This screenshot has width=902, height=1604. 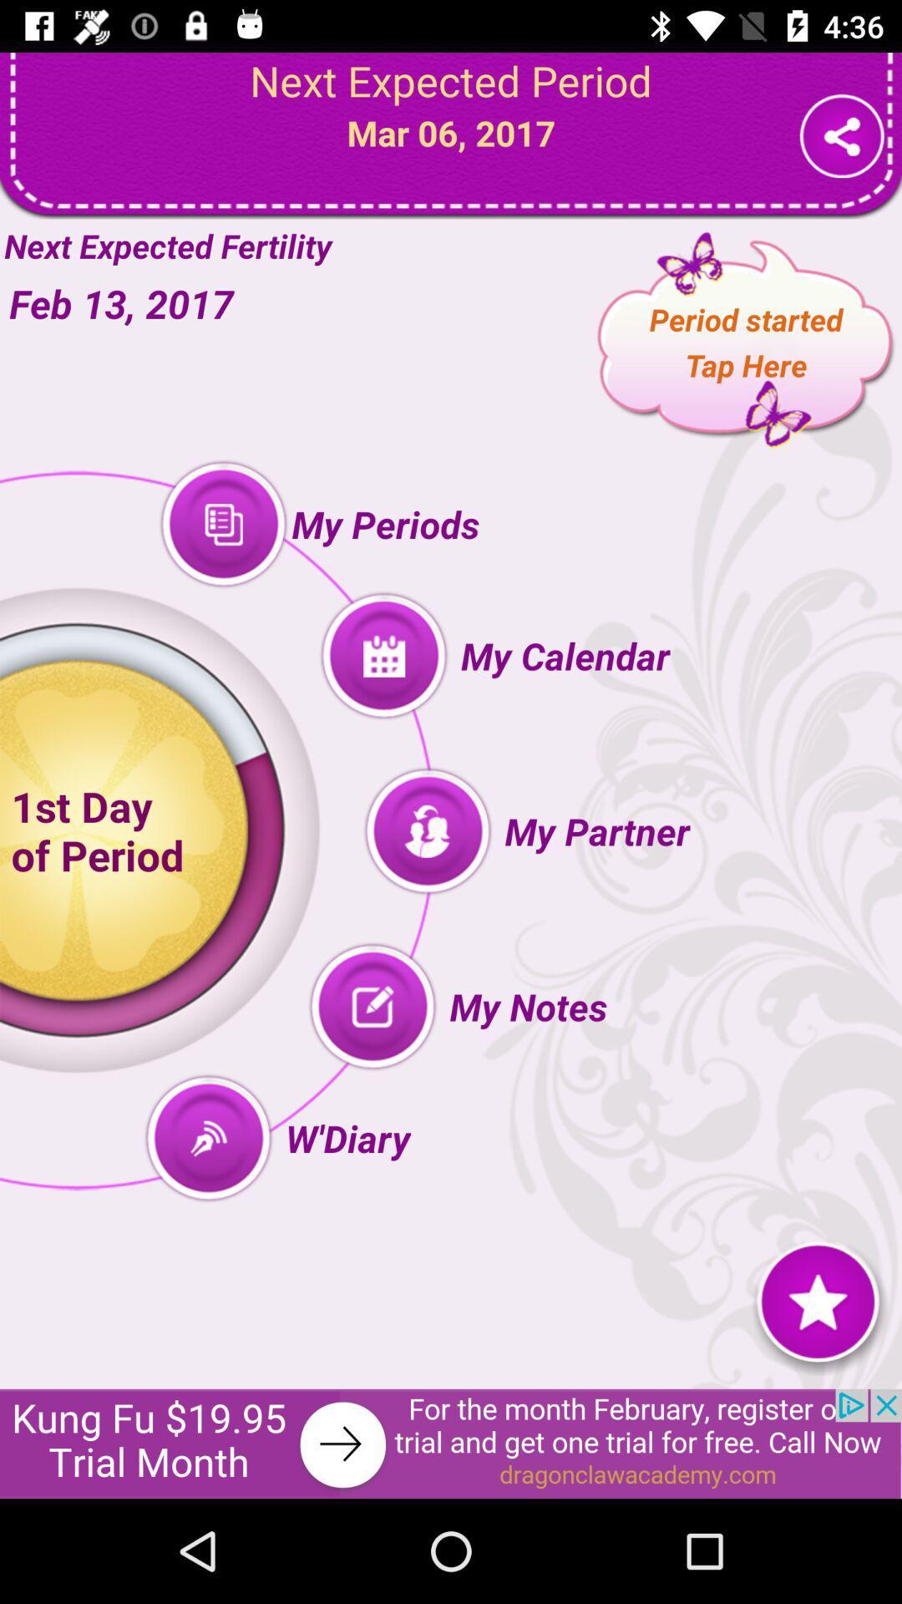 What do you see at coordinates (817, 1300) in the screenshot?
I see `the star button` at bounding box center [817, 1300].